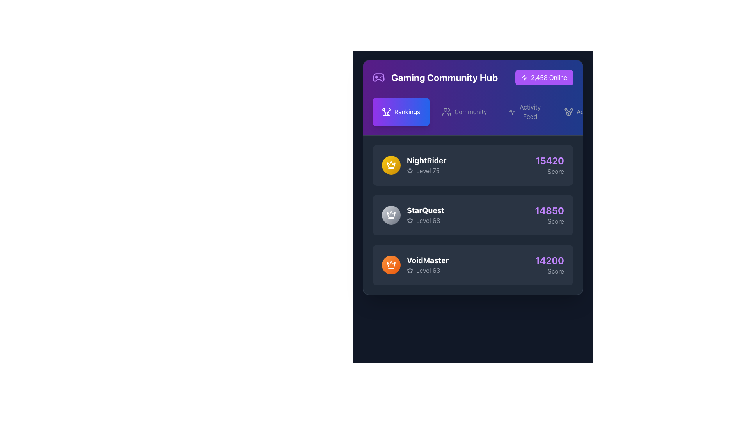 This screenshot has height=421, width=749. Describe the element at coordinates (391, 215) in the screenshot. I see `the Icon Badge representing the achievement or rank of the 'StarQuest' user, located to the left of the 'StarQuest' label in the second list item of the leaderboard panel` at that location.